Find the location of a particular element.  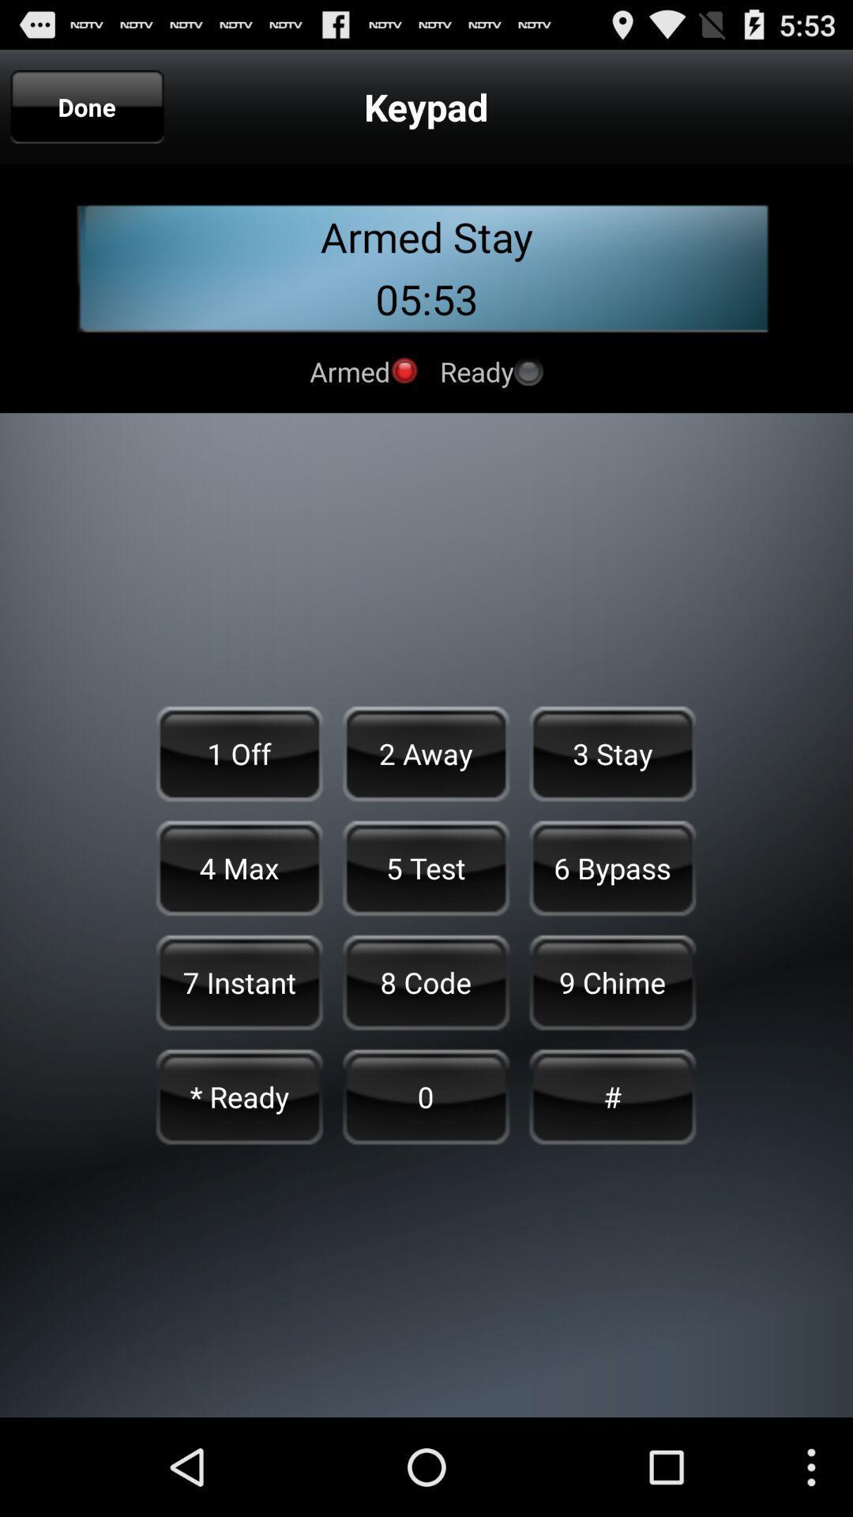

indicates armed status is located at coordinates (404, 370).